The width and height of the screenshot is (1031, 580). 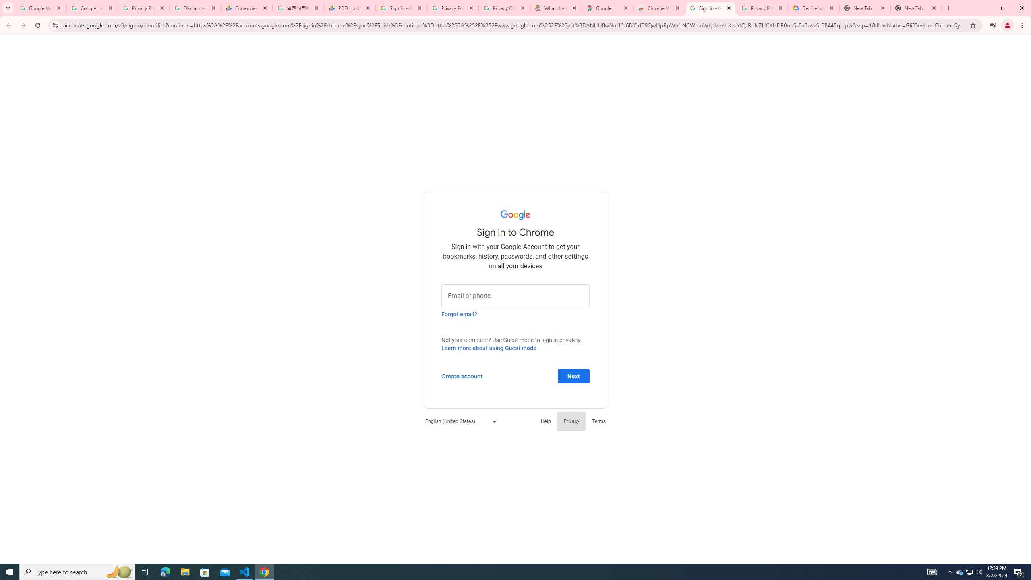 What do you see at coordinates (916, 8) in the screenshot?
I see `'New Tab'` at bounding box center [916, 8].